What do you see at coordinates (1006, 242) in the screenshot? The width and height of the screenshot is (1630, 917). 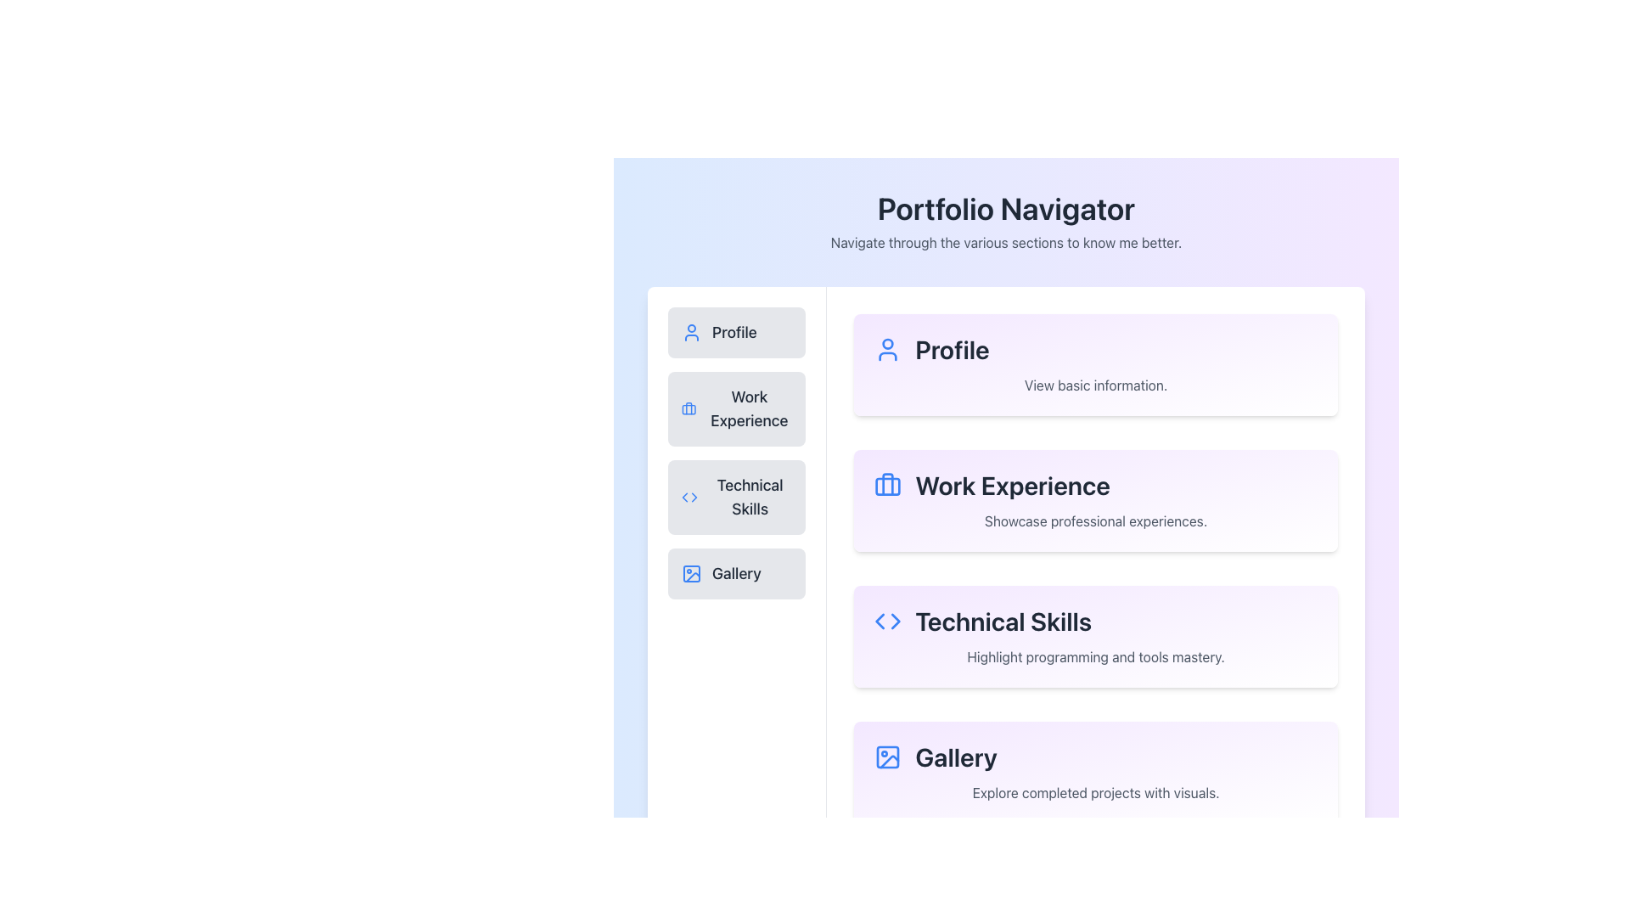 I see `the text element that reads 'Navigate through the various sections to know me better.' positioned below the 'Portfolio Navigator' header` at bounding box center [1006, 242].